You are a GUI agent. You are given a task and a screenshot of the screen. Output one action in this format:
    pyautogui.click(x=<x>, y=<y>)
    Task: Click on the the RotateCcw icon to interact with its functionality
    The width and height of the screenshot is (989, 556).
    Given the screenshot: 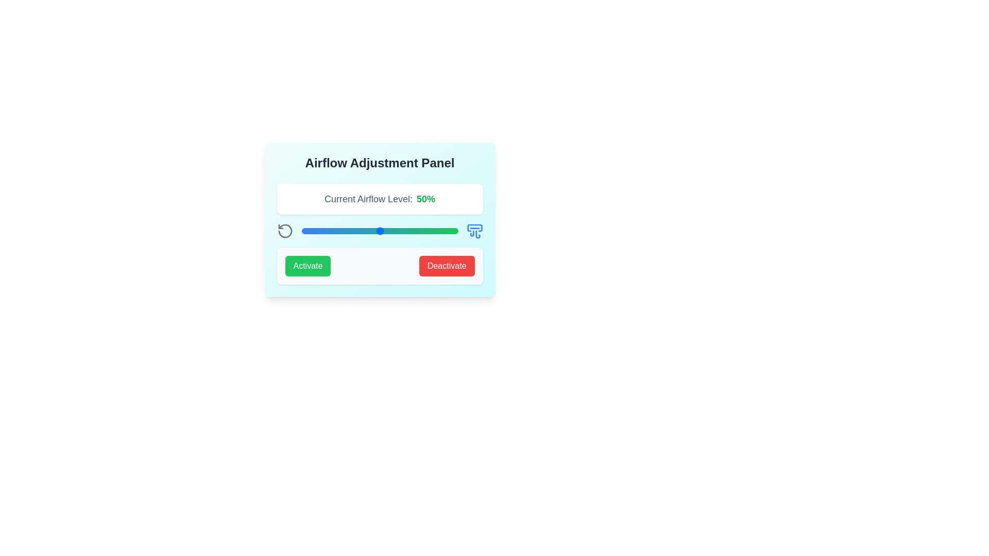 What is the action you would take?
    pyautogui.click(x=285, y=230)
    